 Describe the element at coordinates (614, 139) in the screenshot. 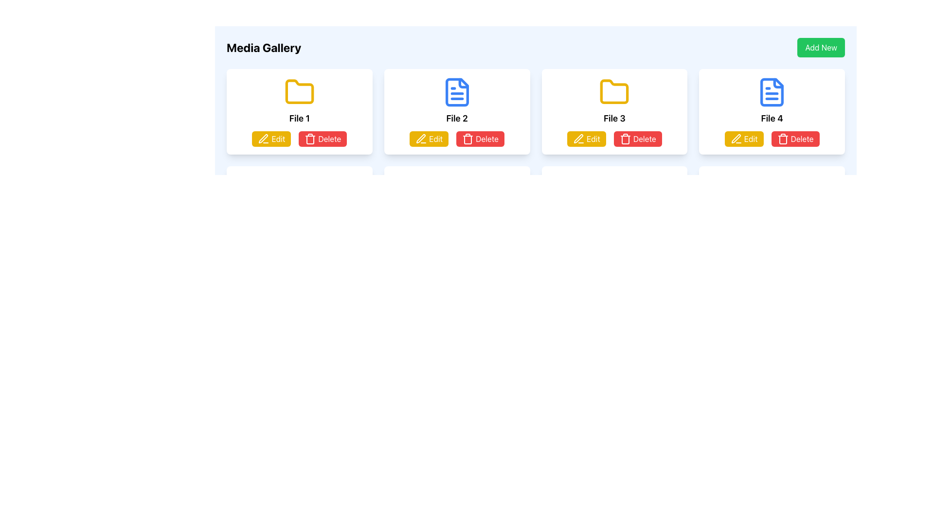

I see `the buttons in the 'File 3' section` at that location.